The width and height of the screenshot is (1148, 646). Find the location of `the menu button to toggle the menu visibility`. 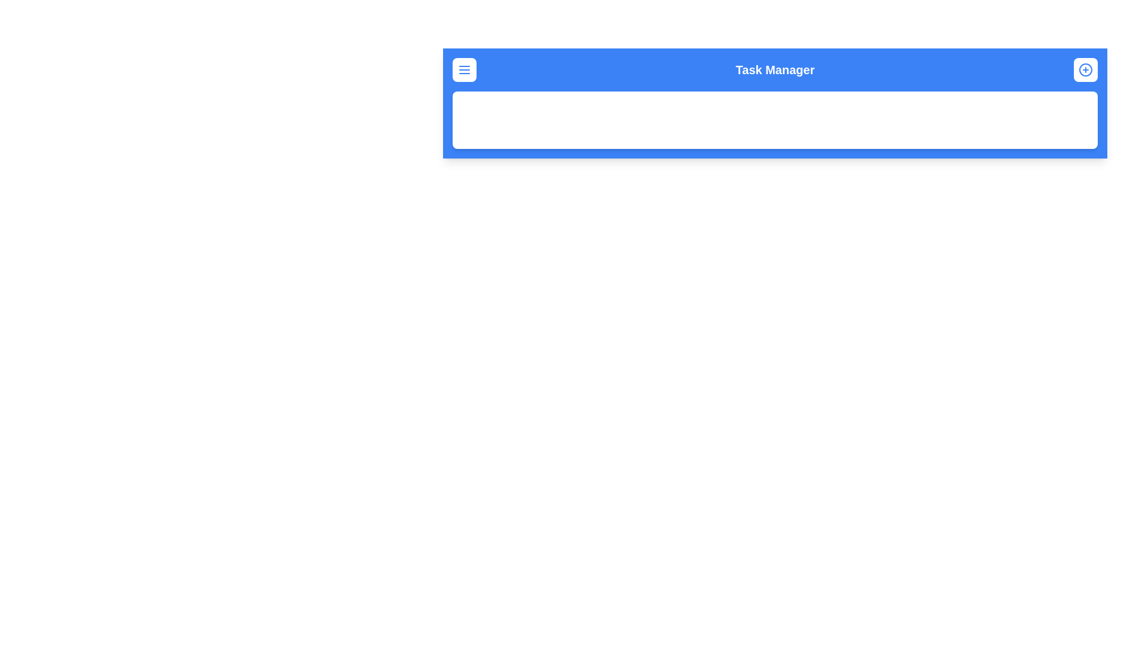

the menu button to toggle the menu visibility is located at coordinates (464, 69).